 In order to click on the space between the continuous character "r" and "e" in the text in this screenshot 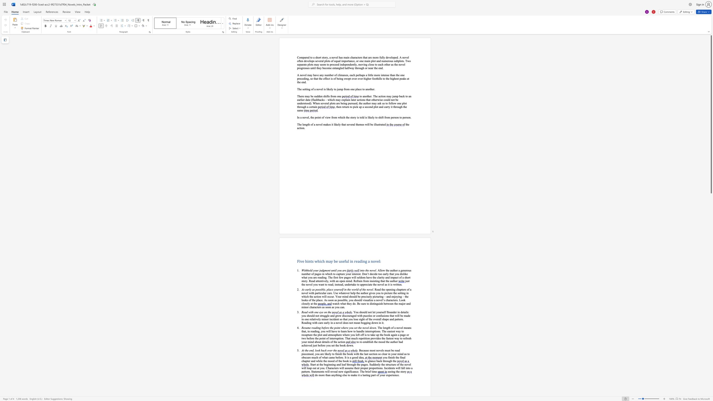, I will do `click(311, 319)`.